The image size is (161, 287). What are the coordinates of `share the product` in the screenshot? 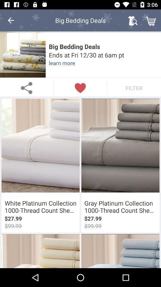 It's located at (26, 88).